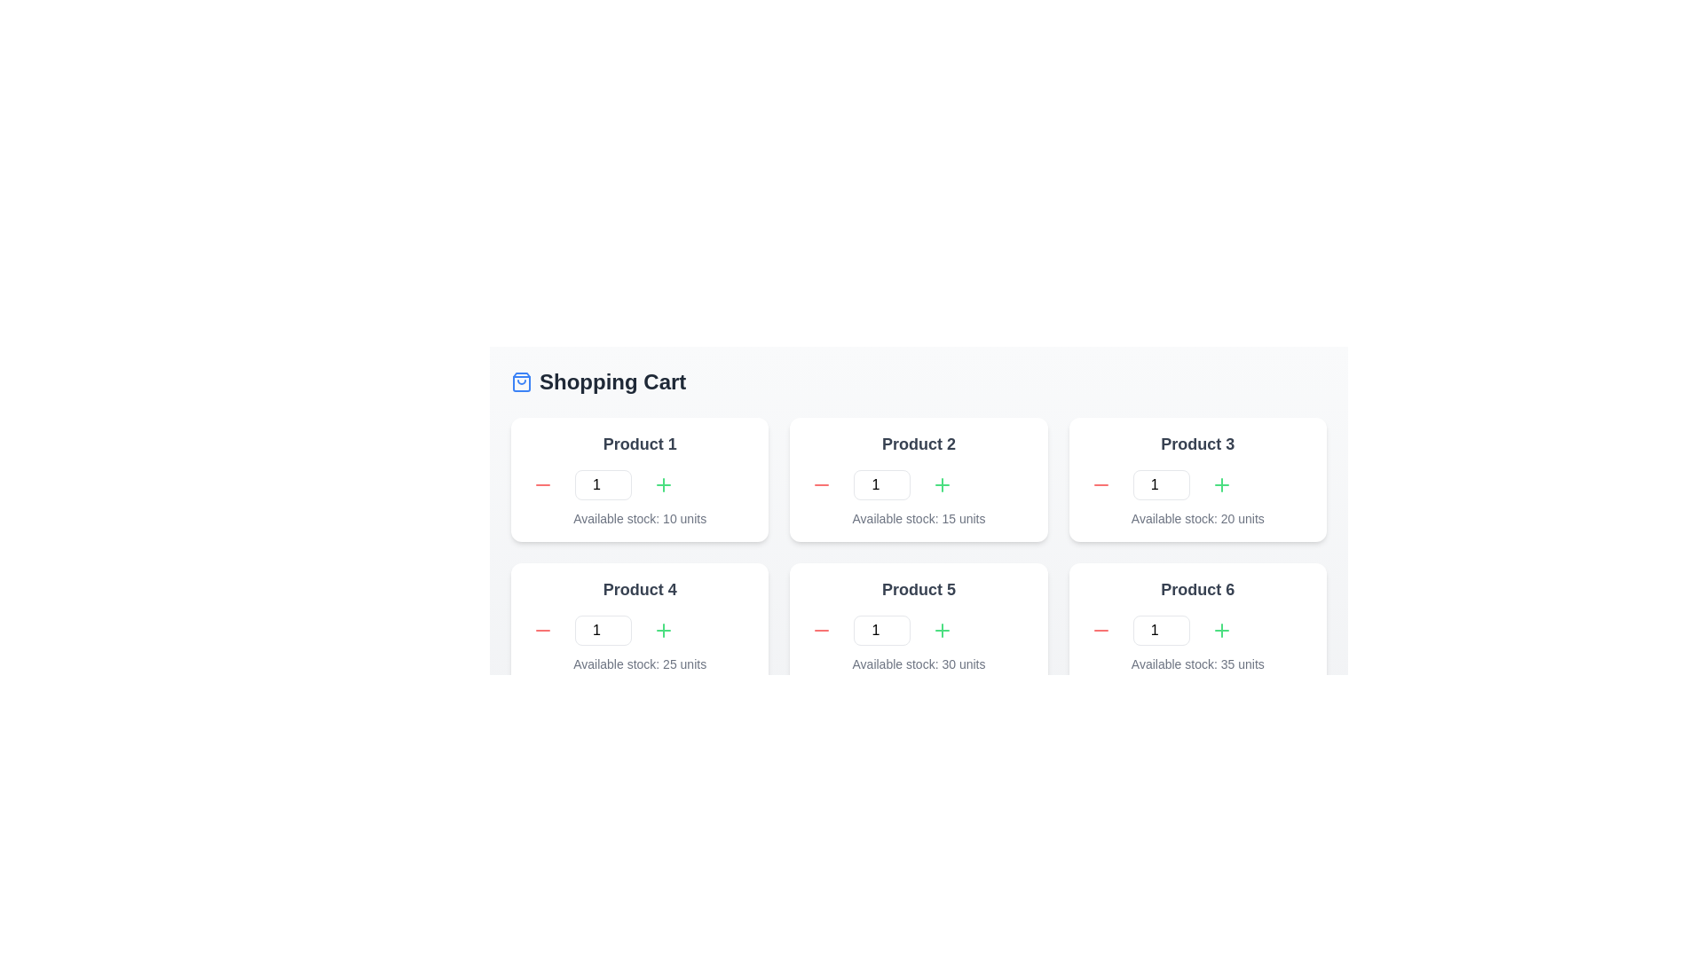  I want to click on the static text label displaying 'Available stock: 35 units' located at the bottom-center of the 'Product 6' box, so click(1197, 664).